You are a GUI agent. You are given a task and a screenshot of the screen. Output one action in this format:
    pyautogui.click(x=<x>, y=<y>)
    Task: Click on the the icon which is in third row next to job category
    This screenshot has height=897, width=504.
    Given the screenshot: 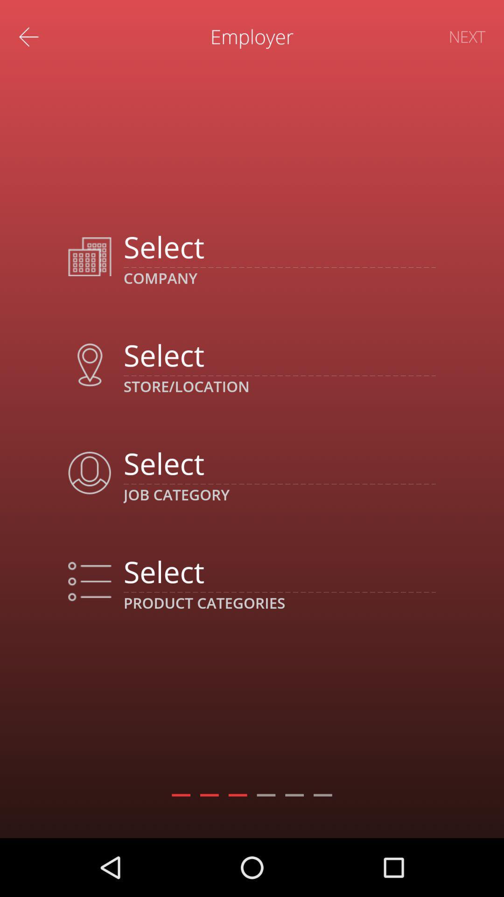 What is the action you would take?
    pyautogui.click(x=90, y=473)
    